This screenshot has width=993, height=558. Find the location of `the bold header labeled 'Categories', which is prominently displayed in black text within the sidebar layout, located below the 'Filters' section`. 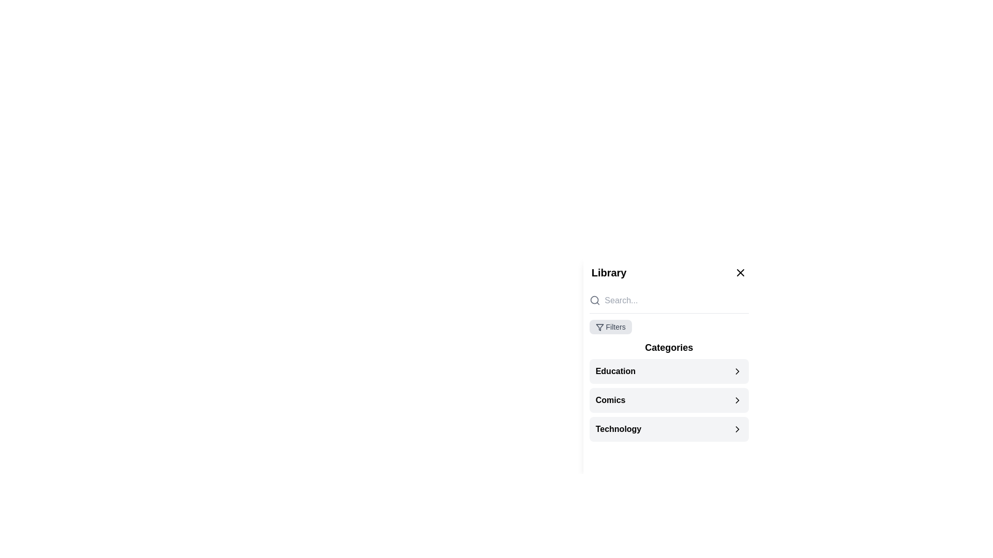

the bold header labeled 'Categories', which is prominently displayed in black text within the sidebar layout, located below the 'Filters' section is located at coordinates (669, 347).